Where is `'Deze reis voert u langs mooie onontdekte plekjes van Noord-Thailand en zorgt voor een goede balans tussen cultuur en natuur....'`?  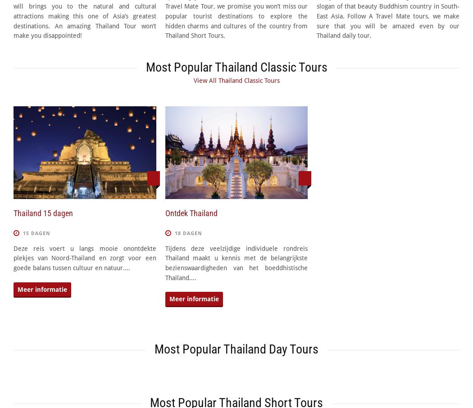
'Deze reis voert u langs mooie onontdekte plekjes van Noord-Thailand en zorgt voor een goede balans tussen cultuur en natuur....' is located at coordinates (84, 258).